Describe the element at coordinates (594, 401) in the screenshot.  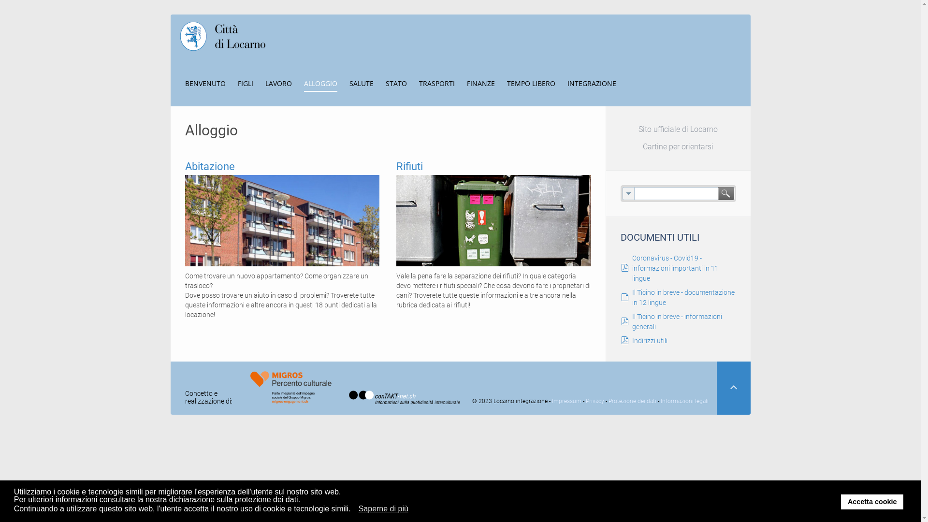
I see `'Privacy'` at that location.